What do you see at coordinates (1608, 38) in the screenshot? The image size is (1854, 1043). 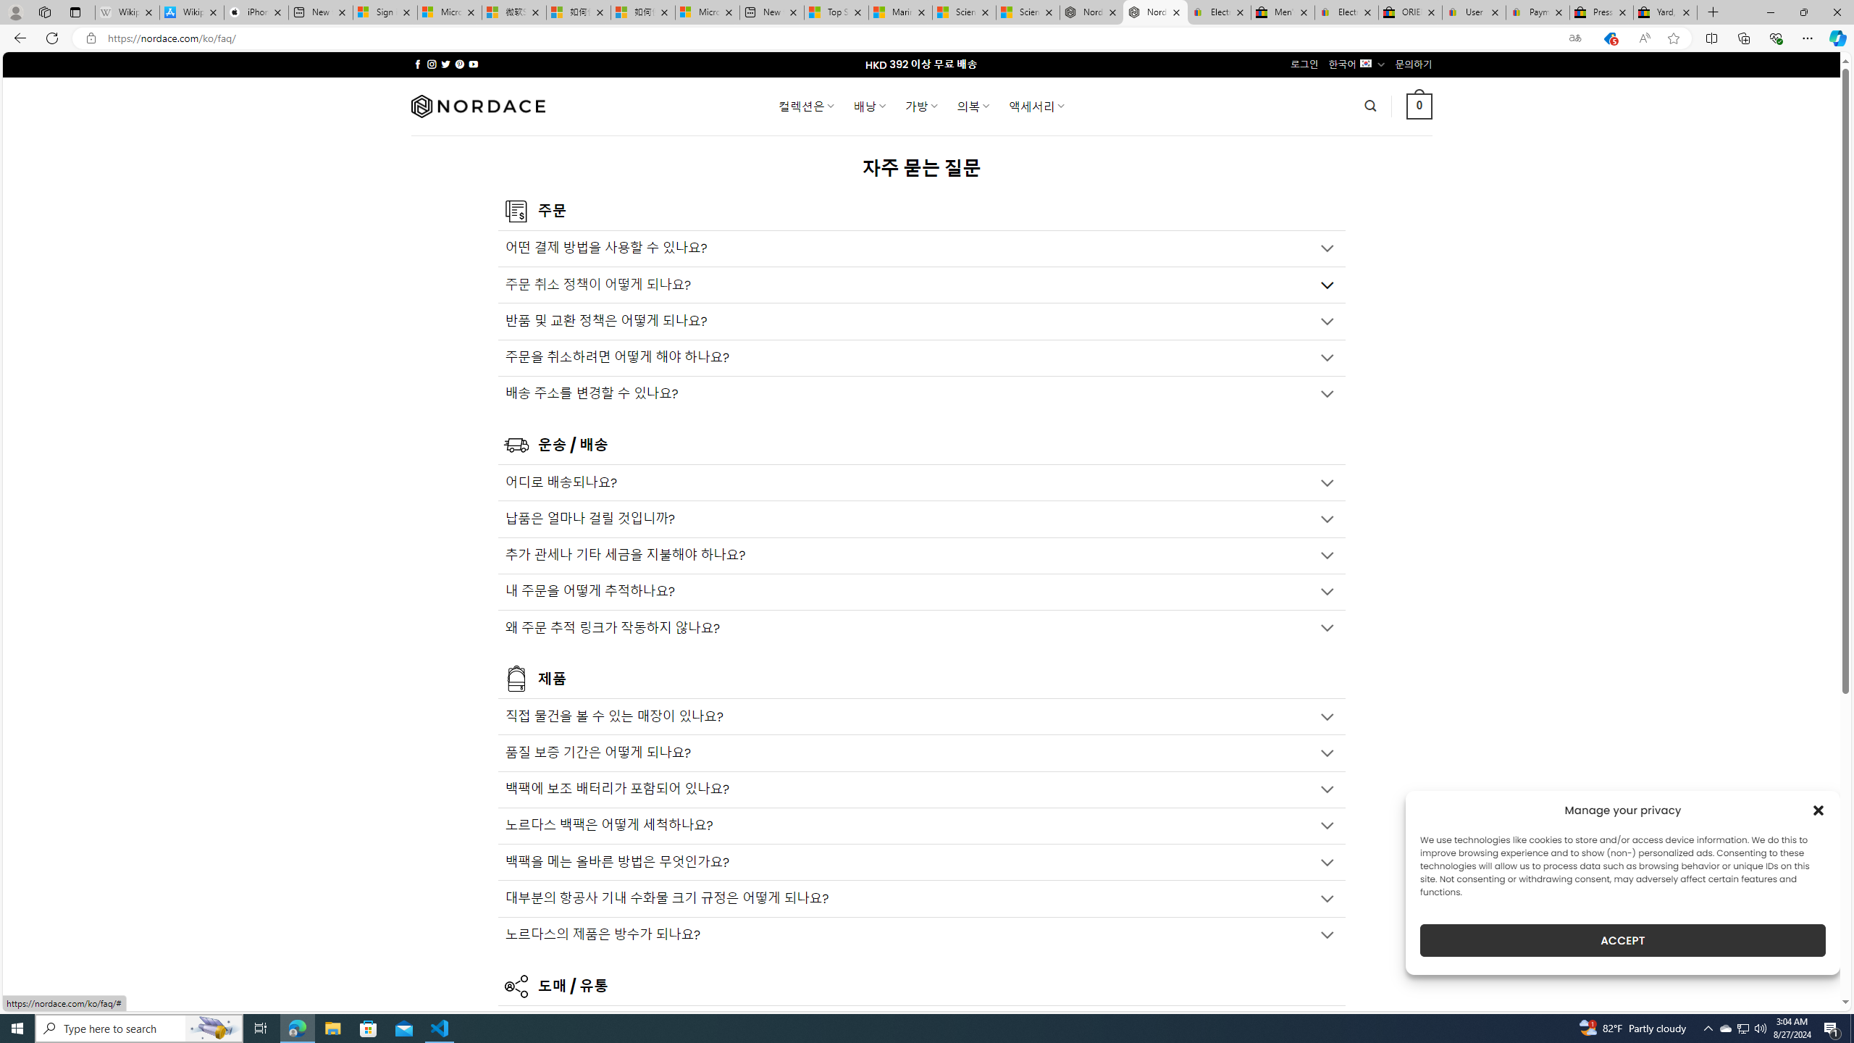 I see `'This site has coupons! Shopping in Microsoft Edge, 5'` at bounding box center [1608, 38].